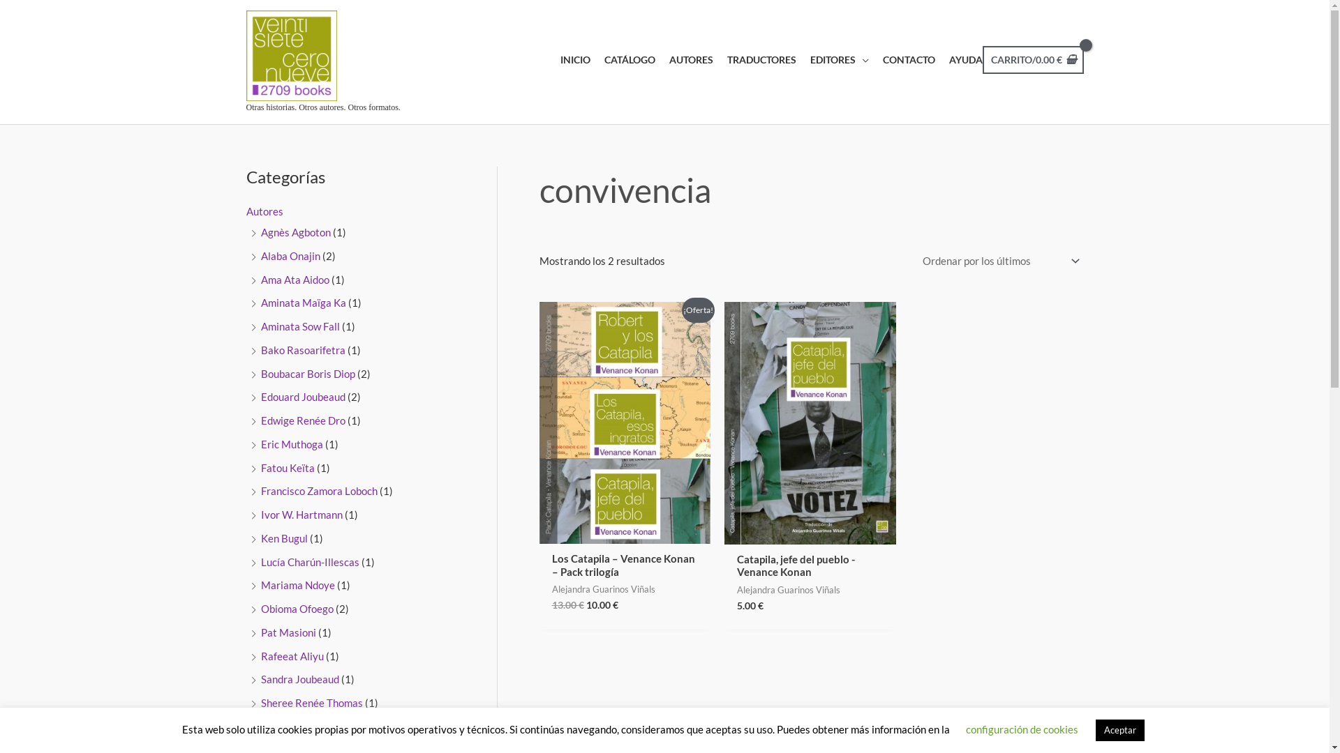 The image size is (1340, 753). Describe the element at coordinates (297, 585) in the screenshot. I see `'Mariama Ndoye'` at that location.